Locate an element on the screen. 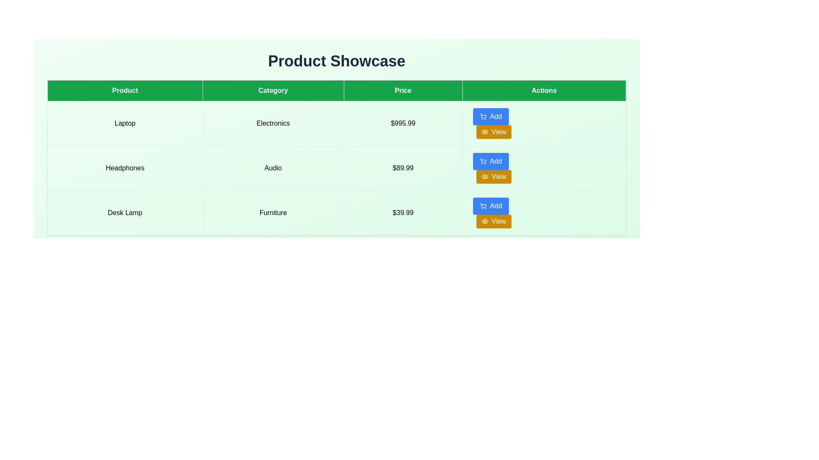 The image size is (819, 460). the 'Product Showcase' heading element, which is a large, bold title in dark gray at the top of the interface, serving as the header for the content below is located at coordinates (336, 60).